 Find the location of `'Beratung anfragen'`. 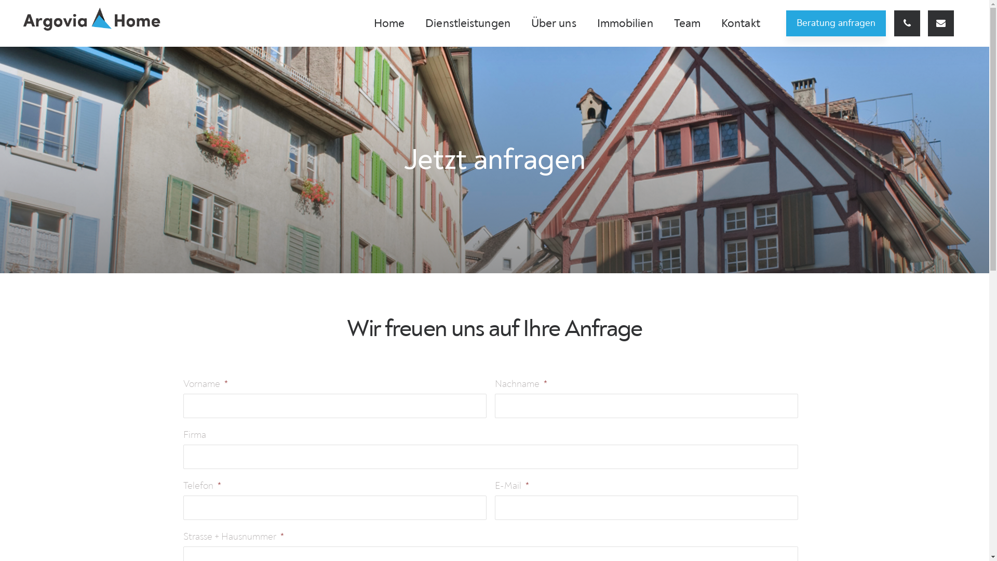

'Beratung anfragen' is located at coordinates (836, 23).